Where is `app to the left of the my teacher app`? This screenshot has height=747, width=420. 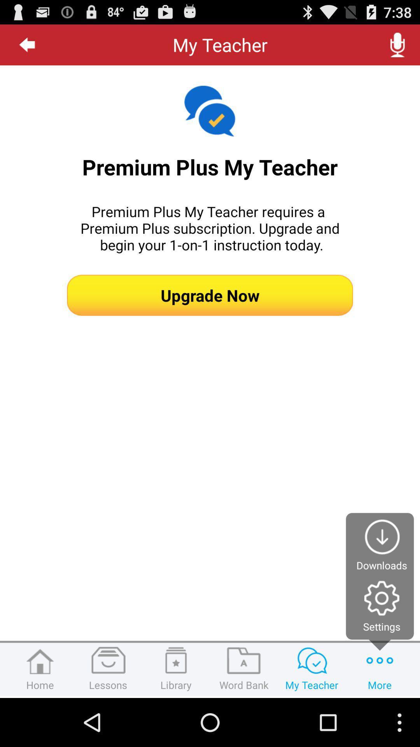
app to the left of the my teacher app is located at coordinates (27, 44).